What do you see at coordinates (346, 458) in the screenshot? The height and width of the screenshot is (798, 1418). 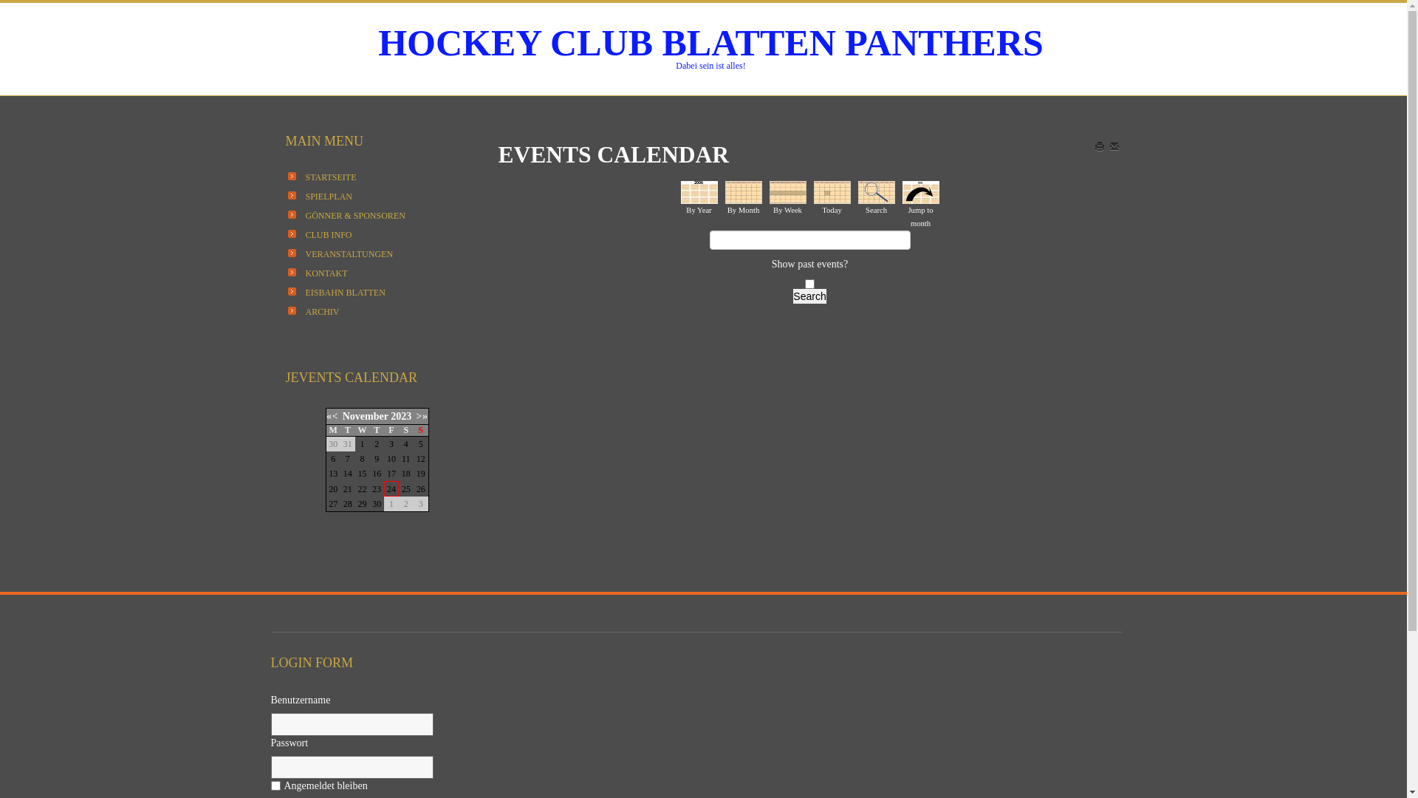 I see `'7'` at bounding box center [346, 458].